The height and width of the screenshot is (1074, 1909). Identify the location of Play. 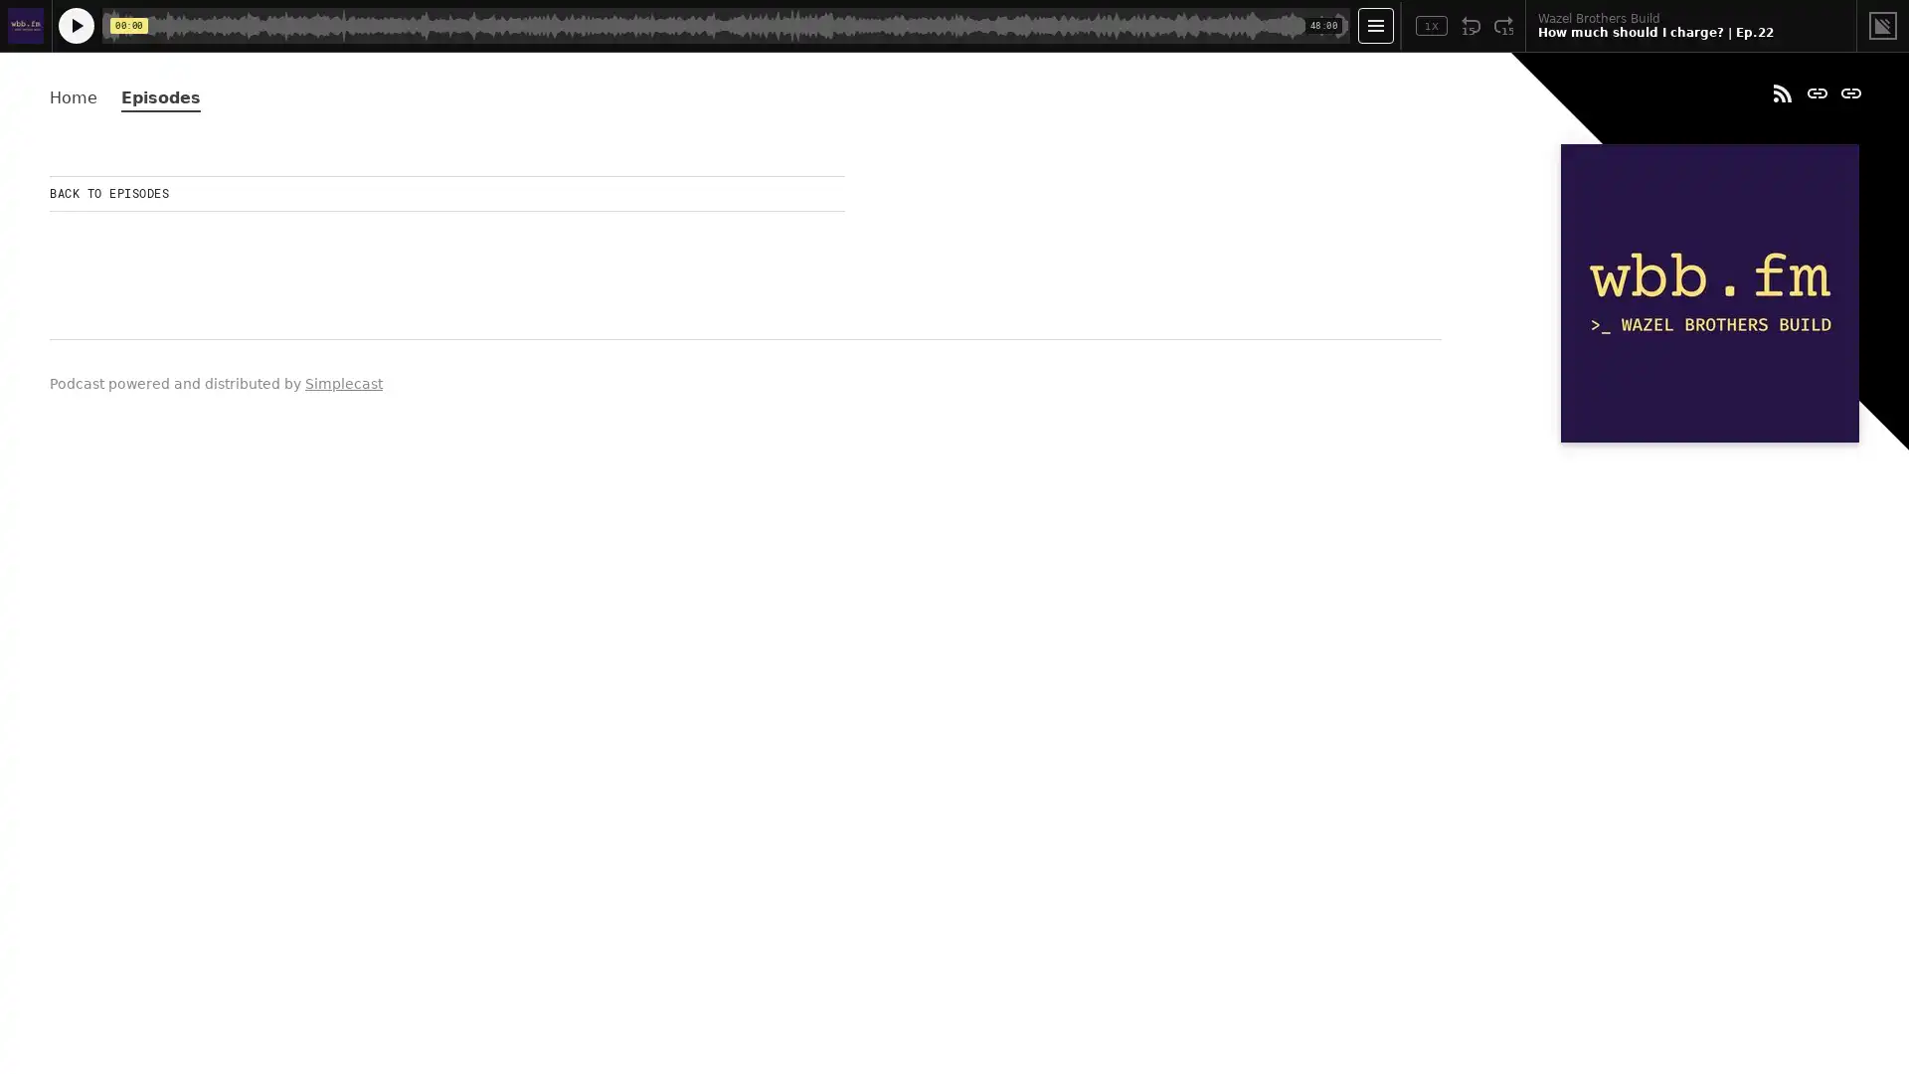
(76, 26).